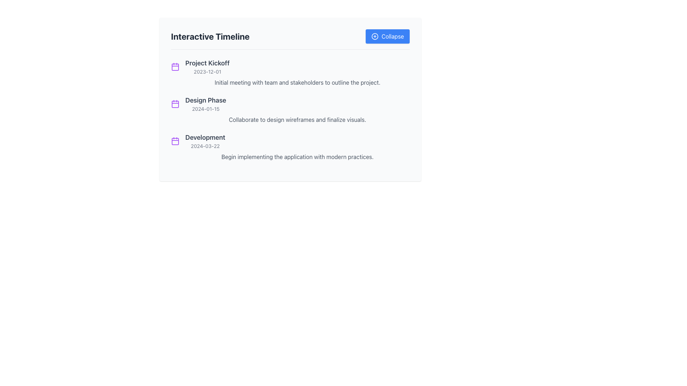 Image resolution: width=687 pixels, height=386 pixels. Describe the element at coordinates (207, 71) in the screenshot. I see `date displayed in the text label showing '2023-12-01', which is located beneath the 'Project Kickoff' heading in the timeline interface` at that location.